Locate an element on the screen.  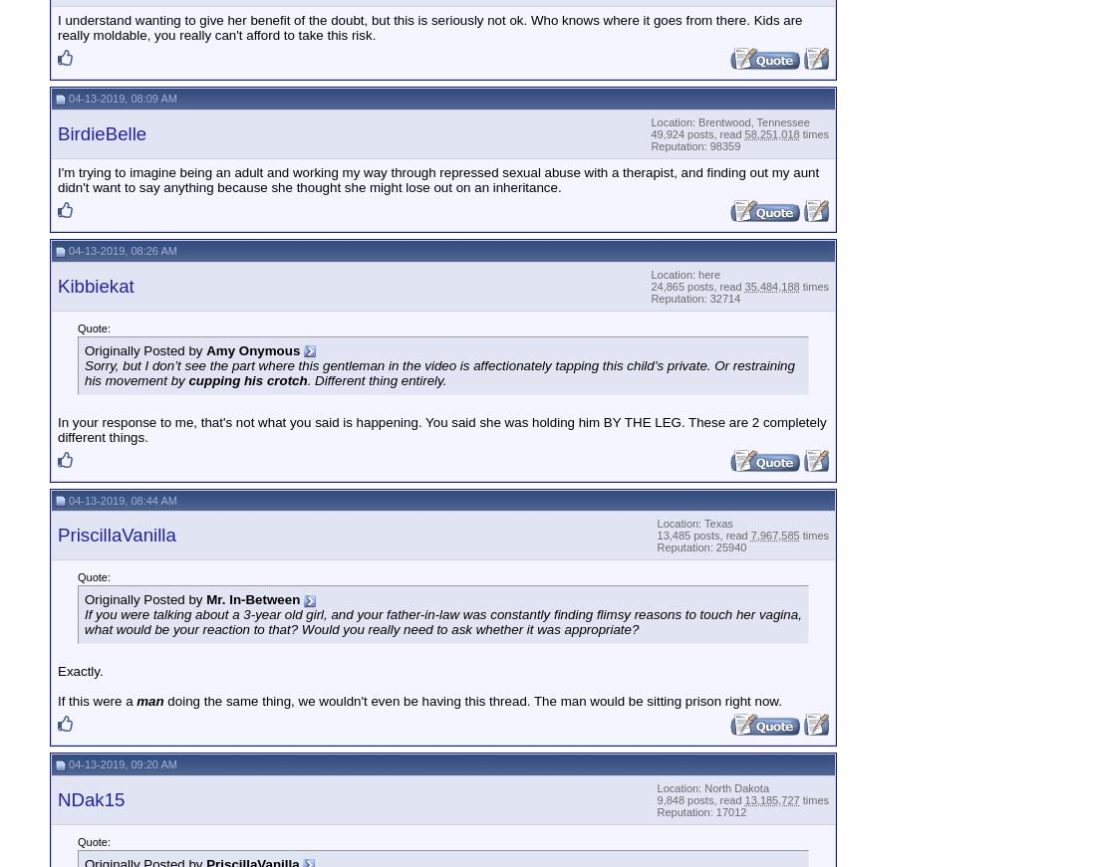
'Reputation: 17012' is located at coordinates (657, 810).